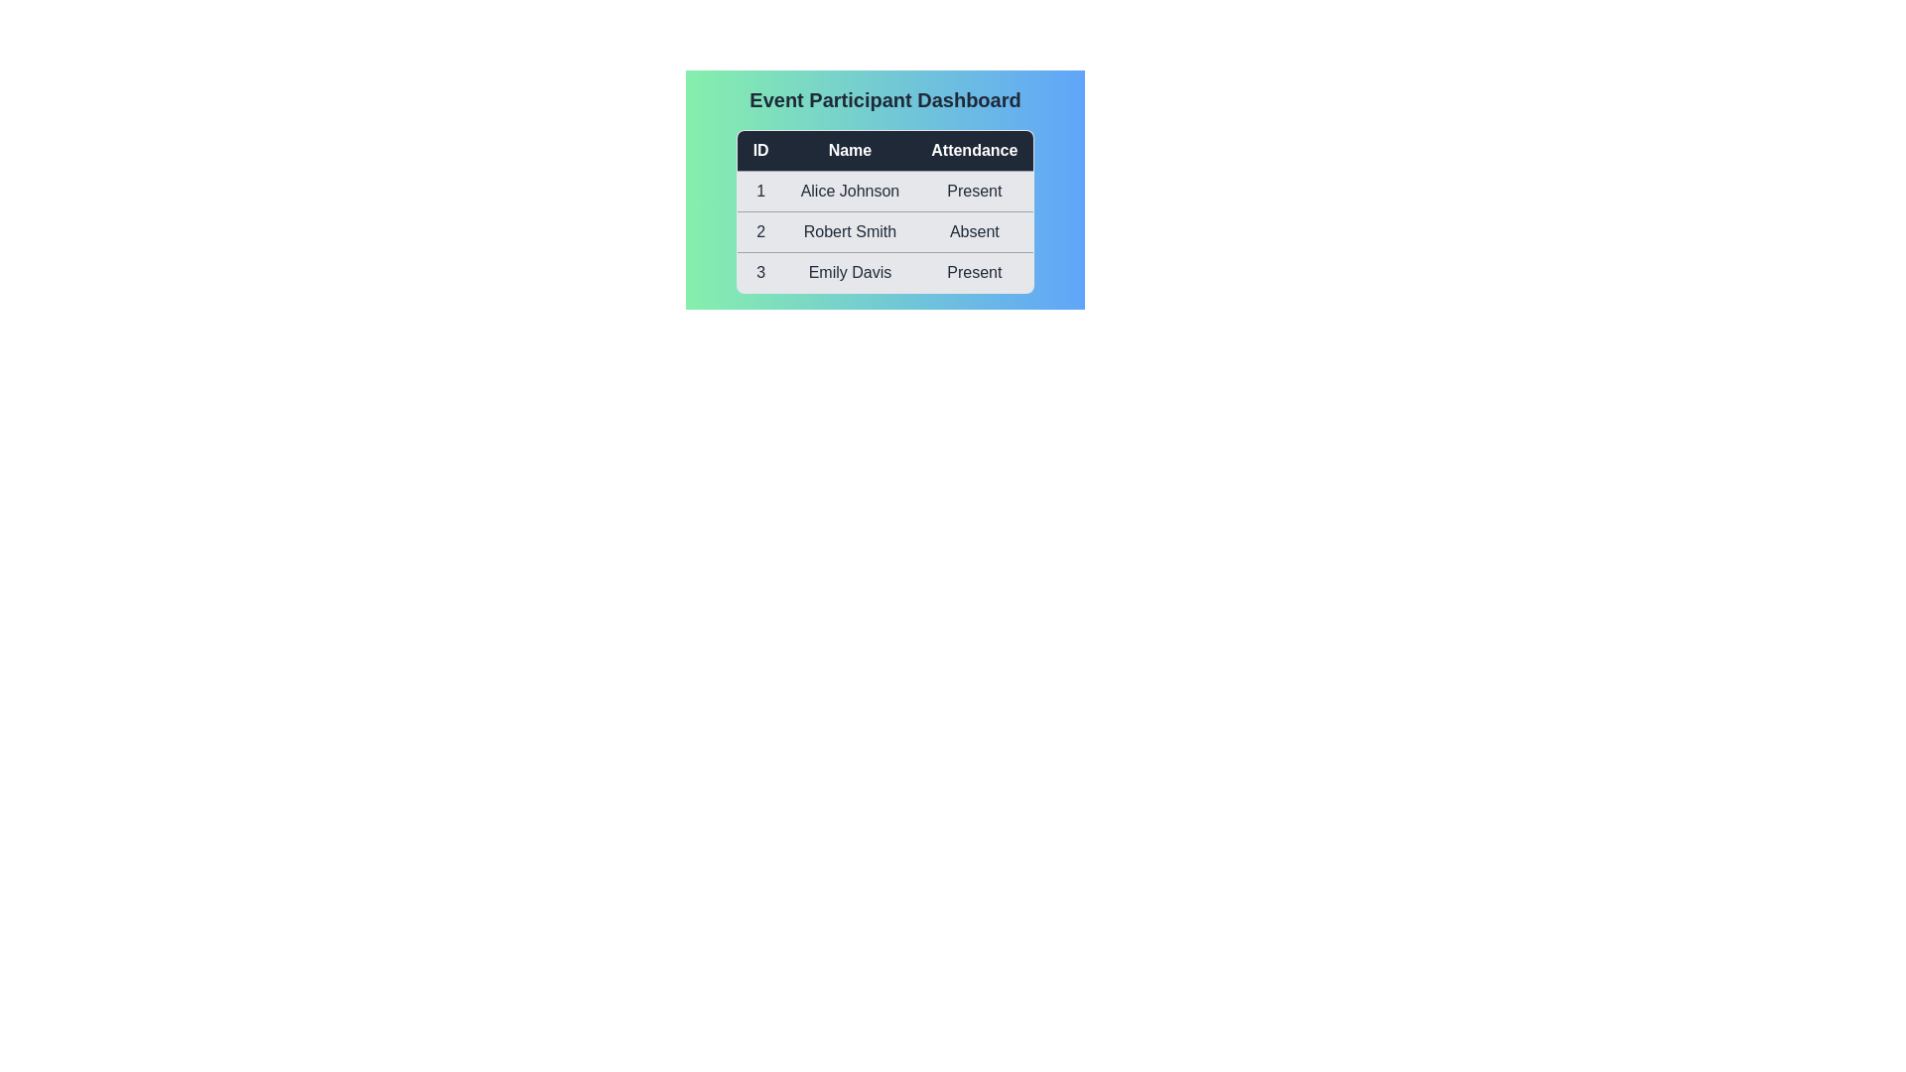 The height and width of the screenshot is (1072, 1906). Describe the element at coordinates (850, 149) in the screenshot. I see `the 'Name' column header in the Event Participant Dashboard, which is located between the 'ID' column and the 'Attendance' column` at that location.